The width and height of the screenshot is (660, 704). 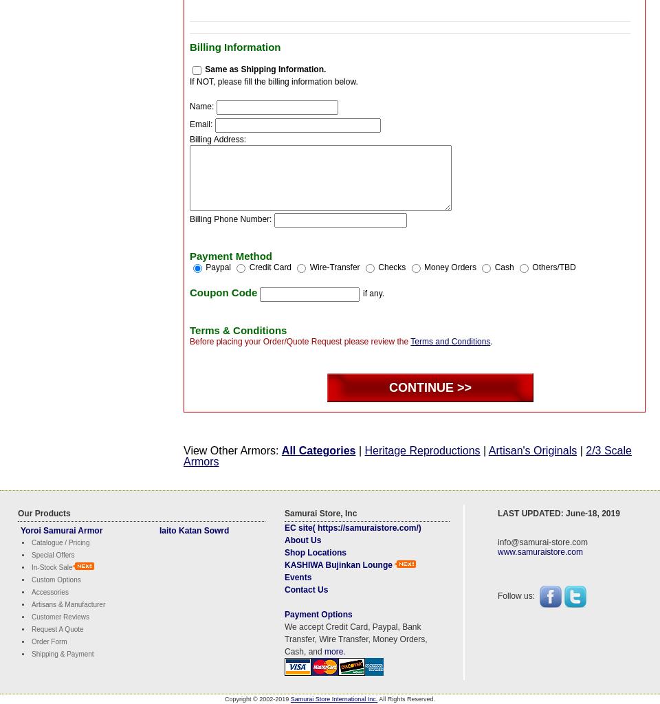 I want to click on 'Payment Method', so click(x=231, y=255).